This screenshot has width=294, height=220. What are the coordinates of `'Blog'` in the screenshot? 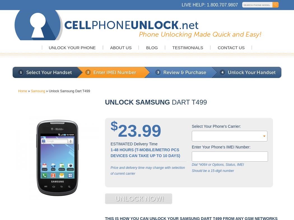 It's located at (152, 47).